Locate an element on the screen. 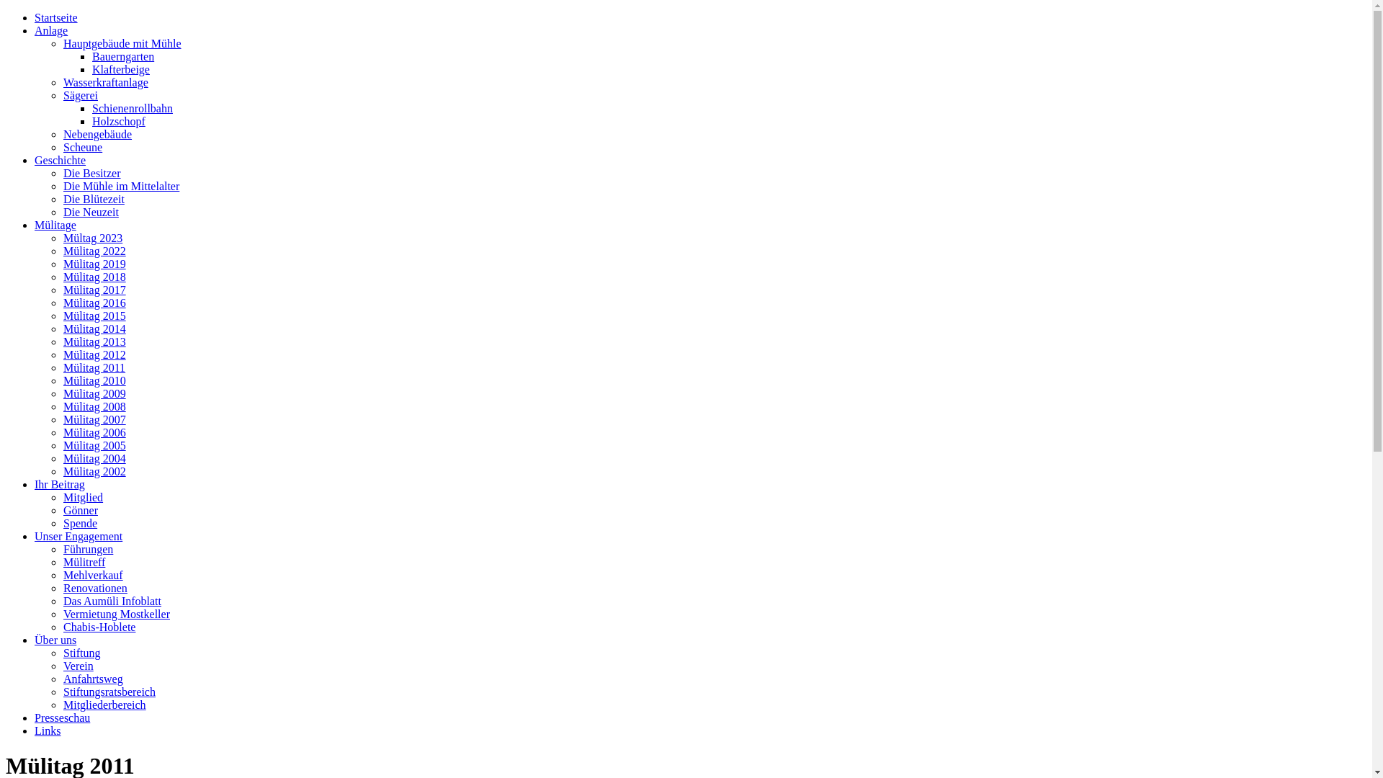  'Links' is located at coordinates (35, 730).